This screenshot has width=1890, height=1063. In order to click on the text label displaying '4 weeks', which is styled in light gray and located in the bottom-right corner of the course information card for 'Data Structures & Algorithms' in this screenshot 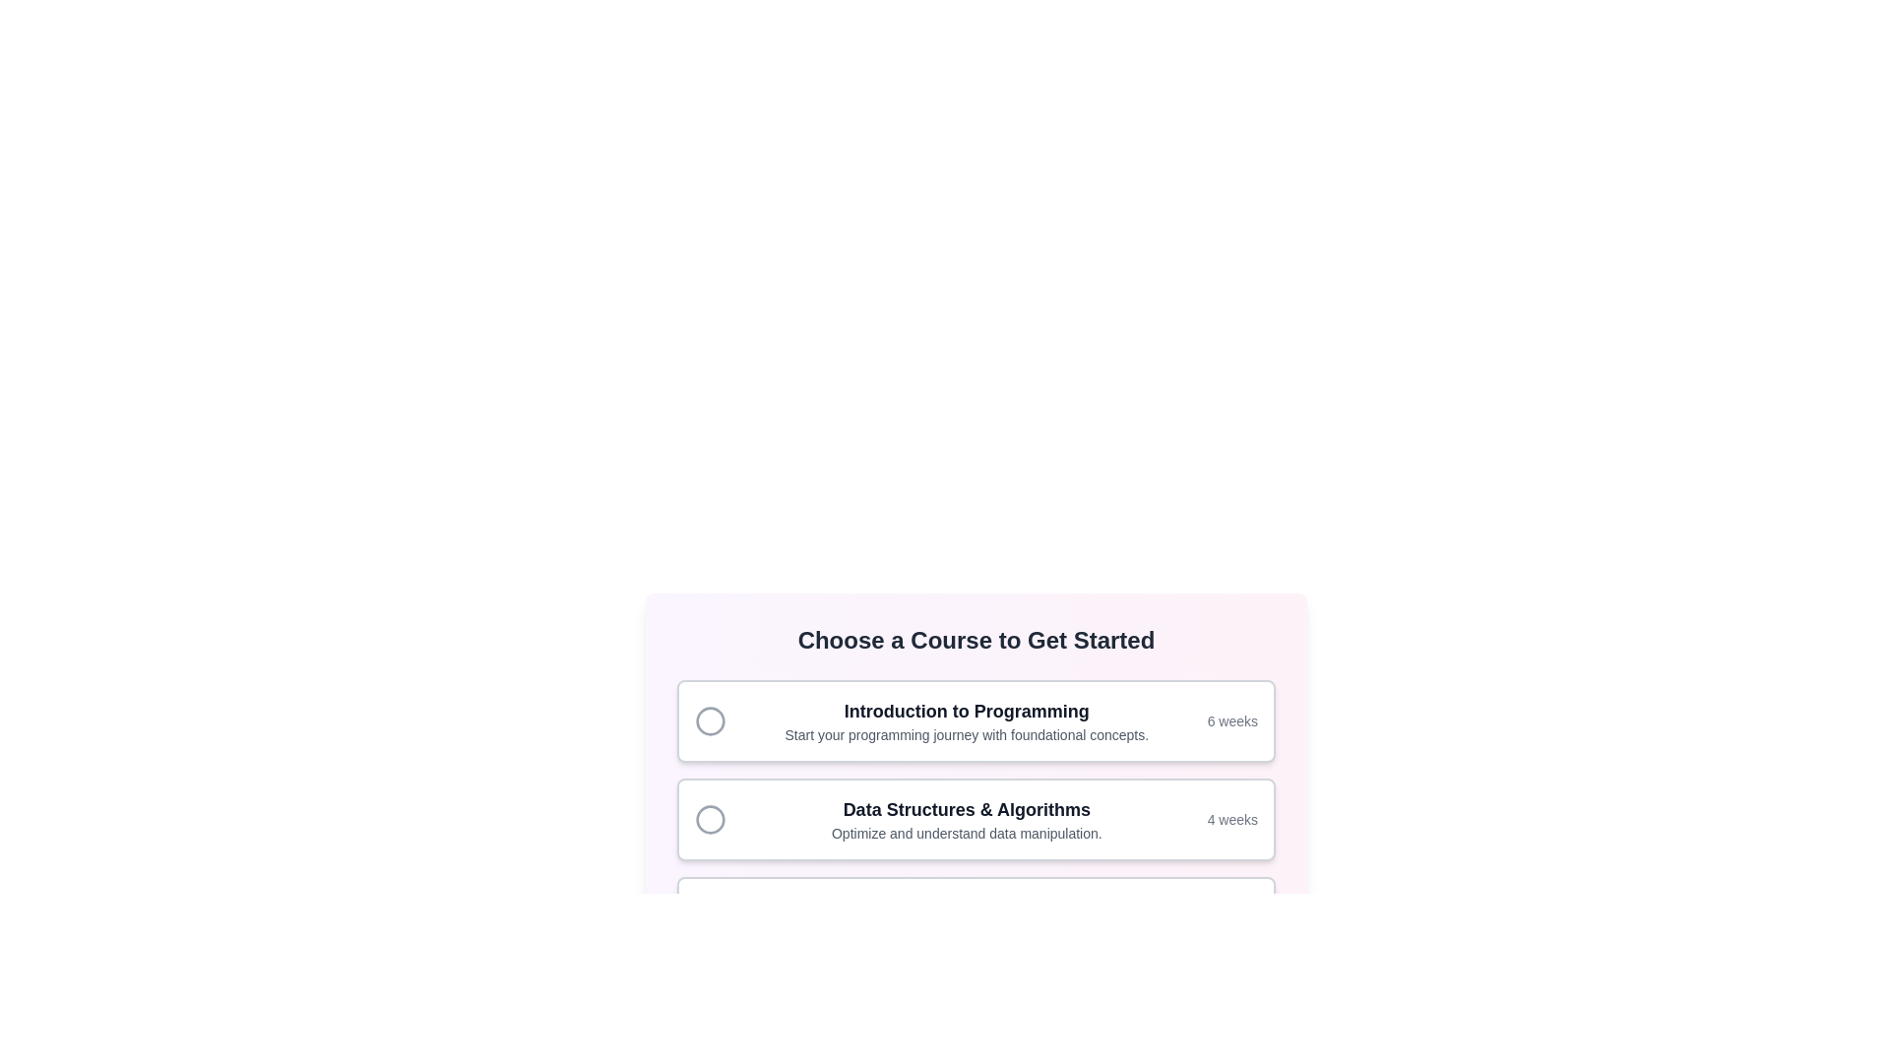, I will do `click(1231, 820)`.